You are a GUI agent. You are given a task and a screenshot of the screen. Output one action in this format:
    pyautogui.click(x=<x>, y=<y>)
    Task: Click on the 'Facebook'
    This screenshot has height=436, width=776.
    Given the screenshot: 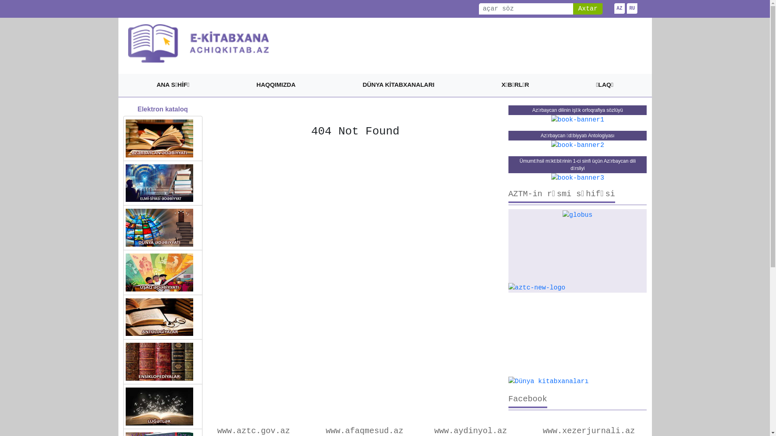 What is the action you would take?
    pyautogui.click(x=508, y=401)
    